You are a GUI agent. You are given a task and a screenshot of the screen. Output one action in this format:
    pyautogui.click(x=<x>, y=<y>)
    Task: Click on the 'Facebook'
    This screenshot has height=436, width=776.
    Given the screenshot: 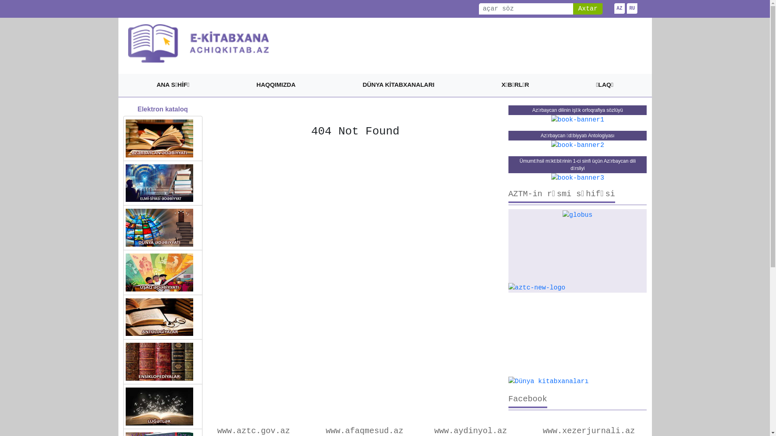 What is the action you would take?
    pyautogui.click(x=508, y=401)
    